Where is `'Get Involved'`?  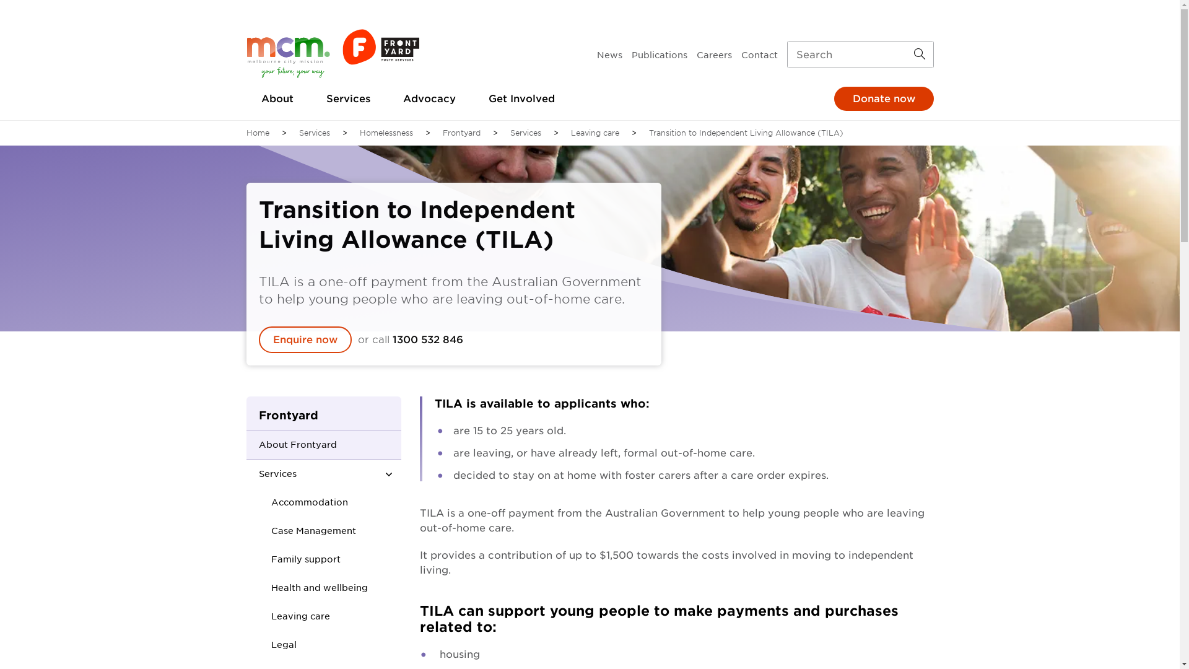
'Get Involved' is located at coordinates (521, 98).